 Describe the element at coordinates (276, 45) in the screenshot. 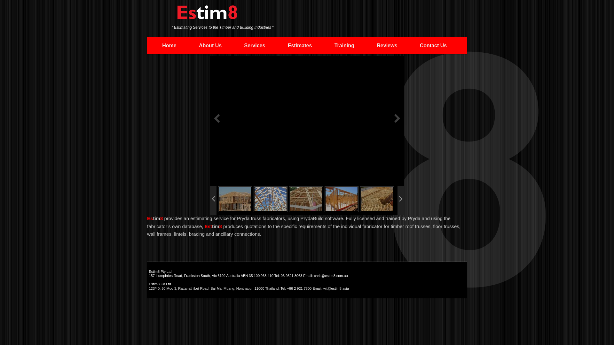

I see `'Estimates'` at that location.